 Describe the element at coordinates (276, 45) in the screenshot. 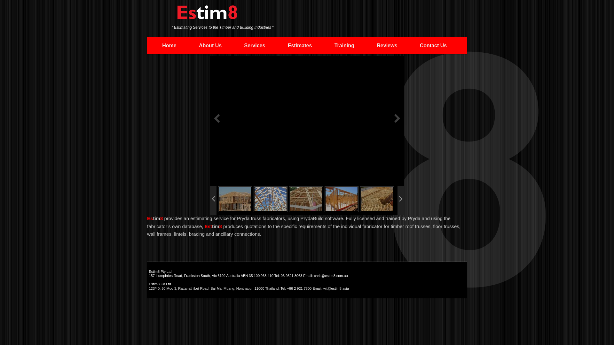

I see `'Estimates'` at that location.